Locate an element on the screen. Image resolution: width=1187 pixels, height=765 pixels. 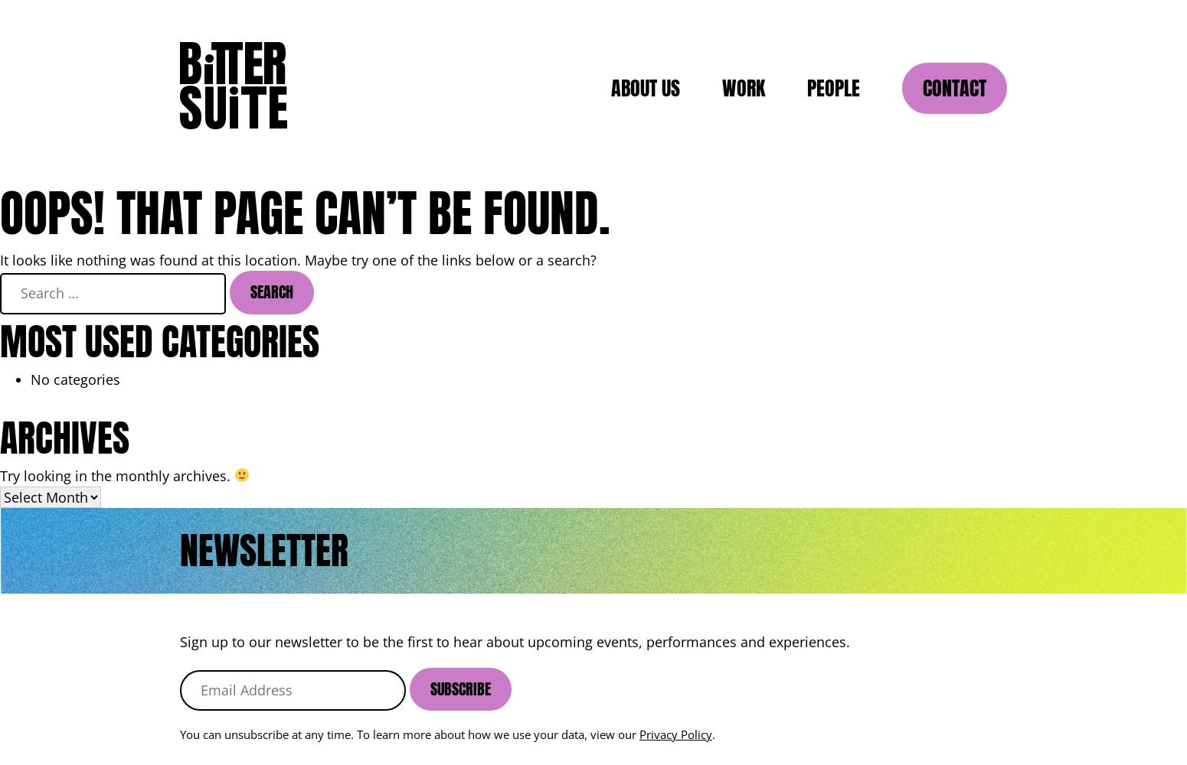
'Privacy Policy' is located at coordinates (675, 734).